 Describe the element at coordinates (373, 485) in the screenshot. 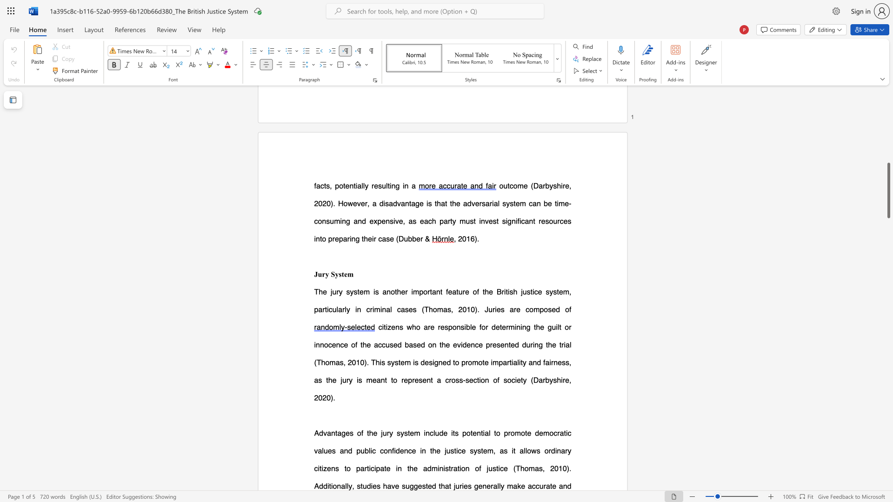

I see `the subset text "es have suggested that juri" within the text "in the administration of justice (Thomas, 2010). Additionally, studies have suggested that juries"` at that location.